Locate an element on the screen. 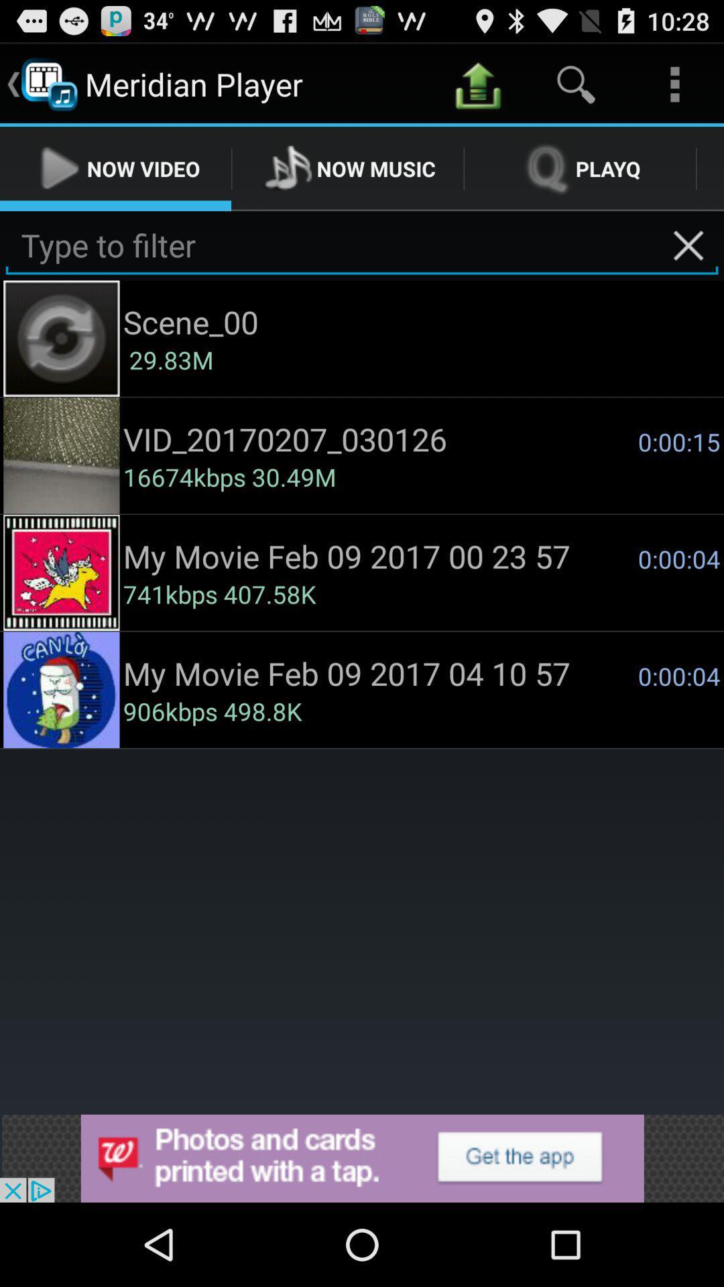 This screenshot has width=724, height=1287. google play is located at coordinates (362, 1158).